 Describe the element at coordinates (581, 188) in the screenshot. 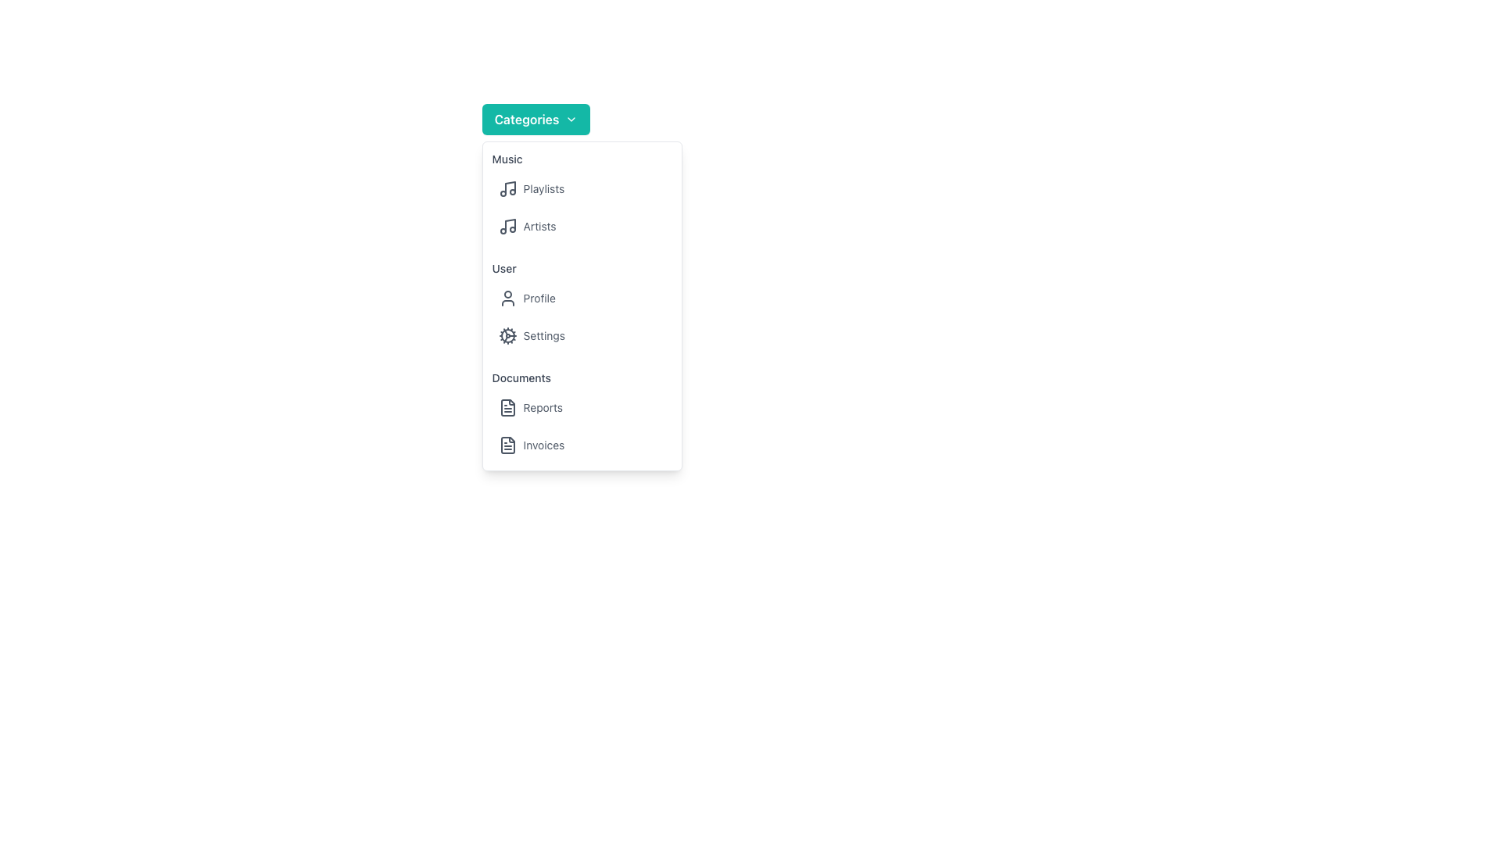

I see `the 'Playlists' button located in the 'Music' section` at that location.